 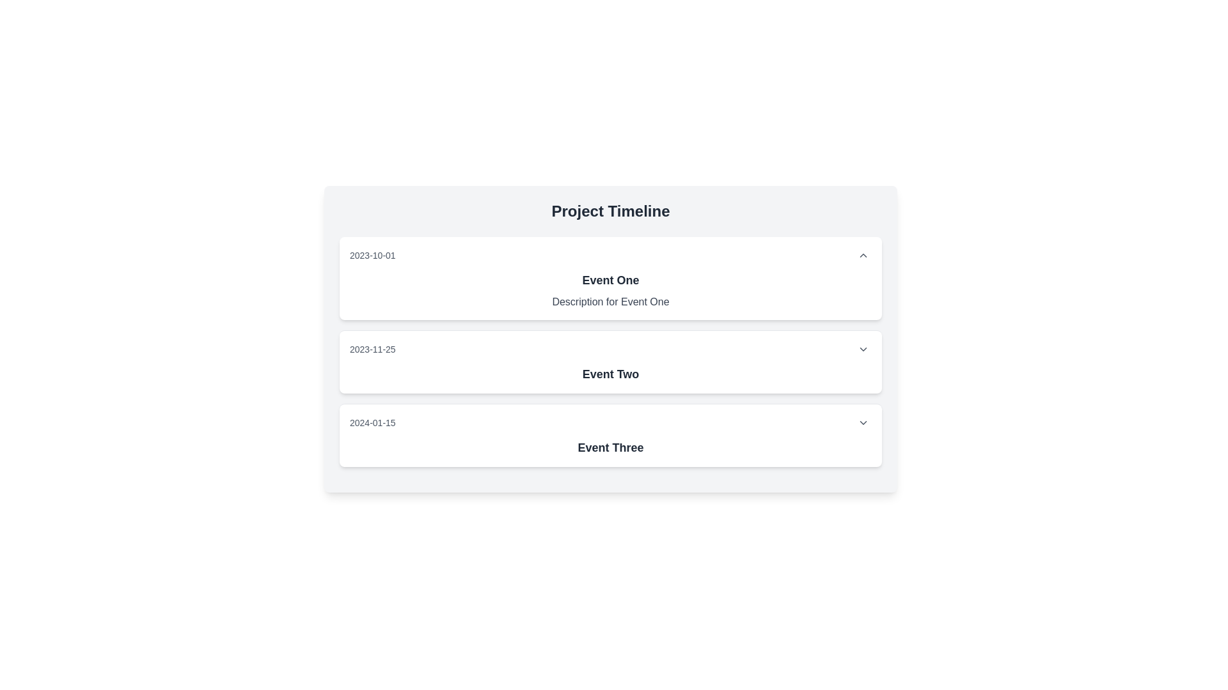 What do you see at coordinates (610, 349) in the screenshot?
I see `the selectable item displaying the date '2023-11-25' in the second event block titled 'Event Two'` at bounding box center [610, 349].